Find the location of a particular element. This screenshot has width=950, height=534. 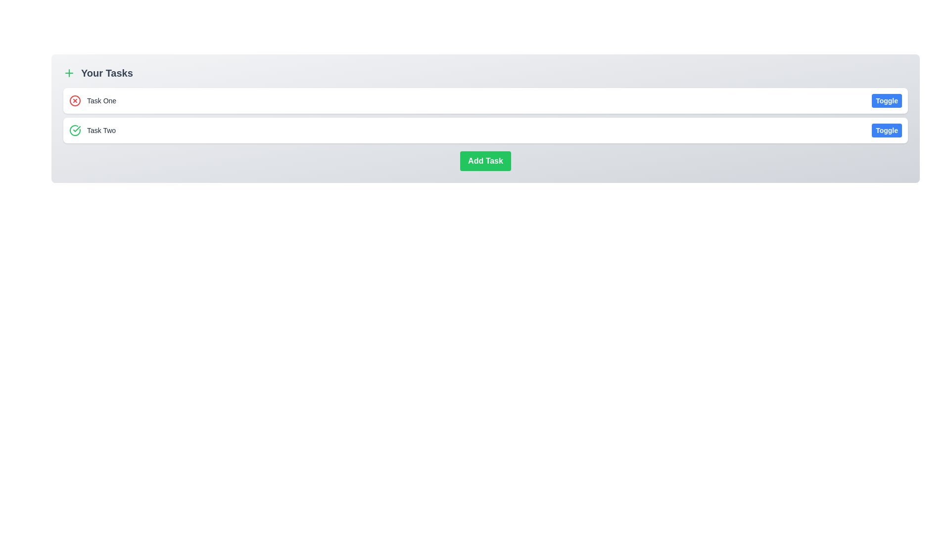

the red circular icon with a cross (X) inside it, located to the immediate left of the text label 'Task One' is located at coordinates (75, 101).